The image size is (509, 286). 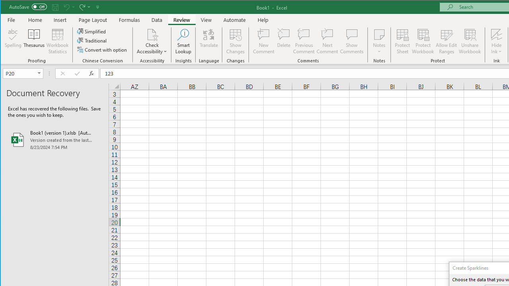 I want to click on 'Convert with option', so click(x=102, y=50).